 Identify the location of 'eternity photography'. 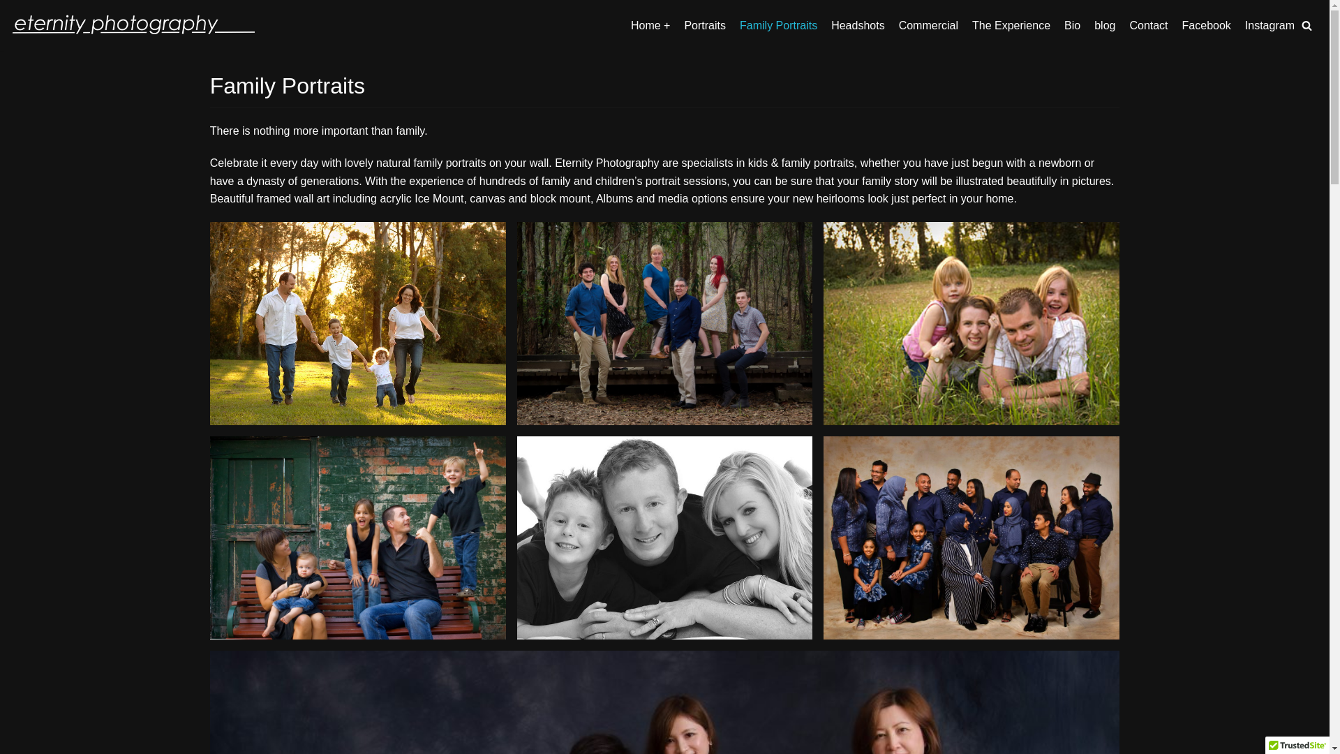
(133, 25).